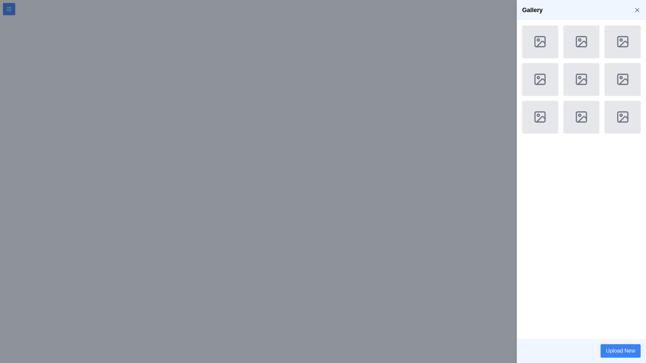 The height and width of the screenshot is (363, 646). Describe the element at coordinates (581, 79) in the screenshot. I see `the SVG rectangle with rounded corners located in the top-left corner of the icon in the third column and third row of the Gallery section` at that location.